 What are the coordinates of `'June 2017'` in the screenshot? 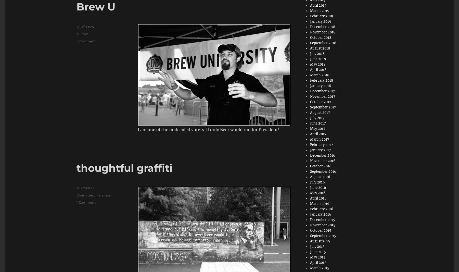 It's located at (318, 123).